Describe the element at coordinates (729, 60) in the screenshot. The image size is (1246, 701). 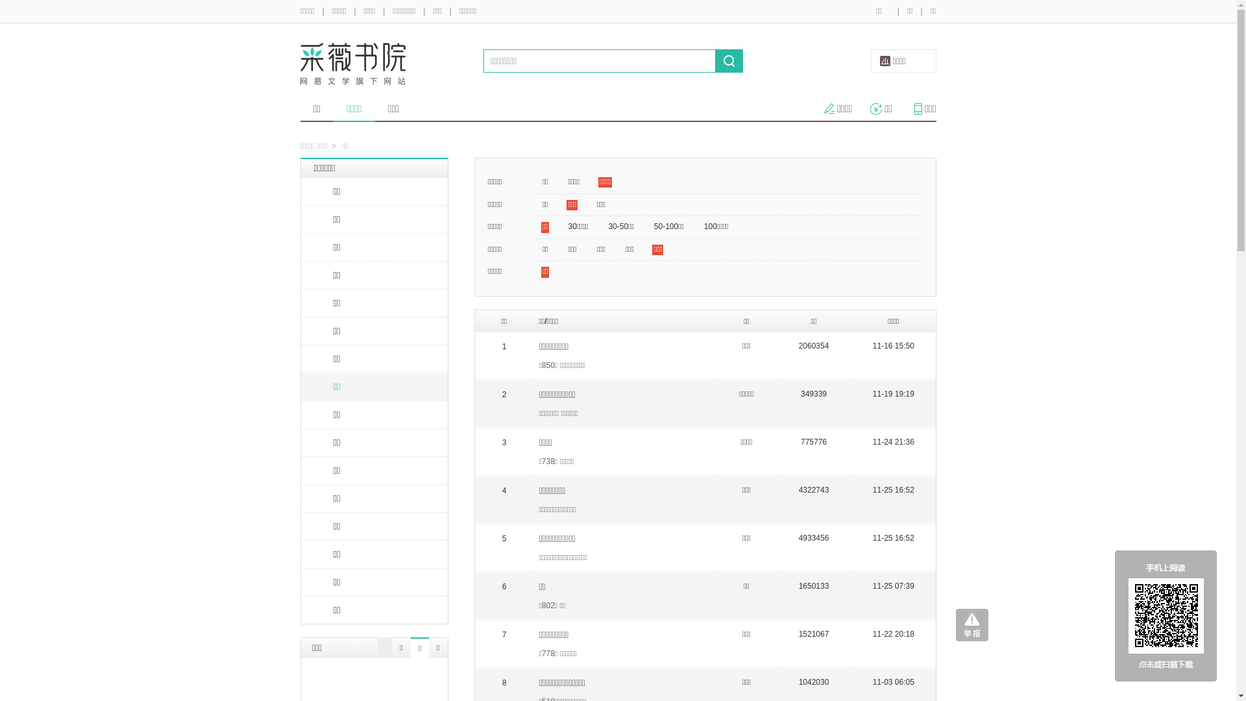
I see `'    '` at that location.